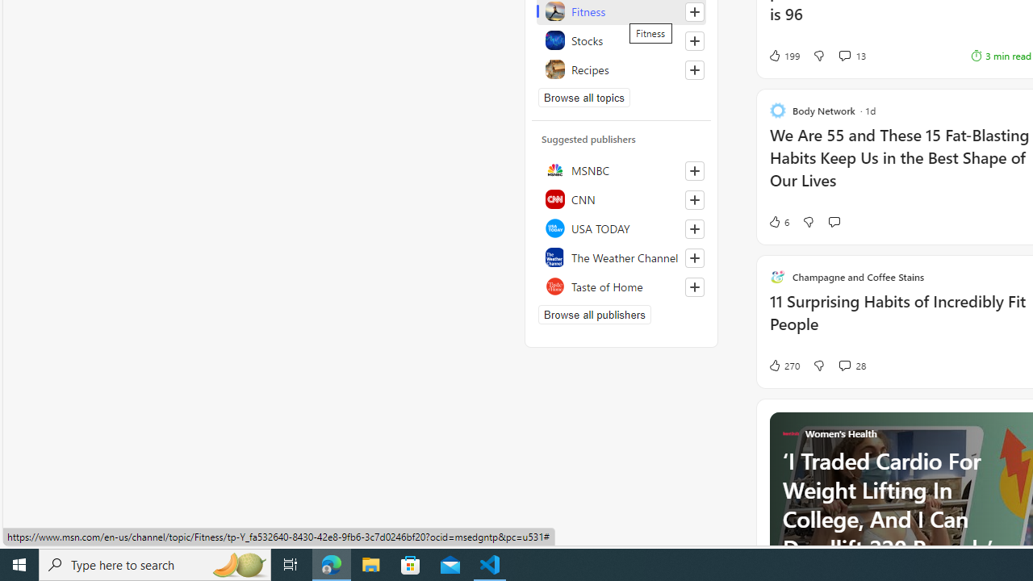  Describe the element at coordinates (843, 365) in the screenshot. I see `'View comments 28 Comment'` at that location.